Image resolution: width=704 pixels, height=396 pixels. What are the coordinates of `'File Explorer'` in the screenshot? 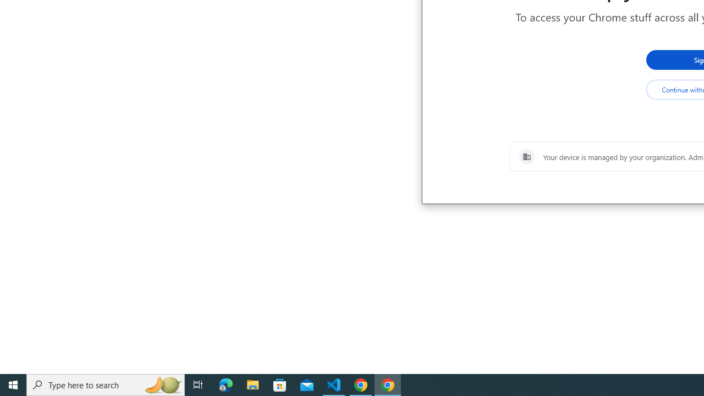 It's located at (252, 384).